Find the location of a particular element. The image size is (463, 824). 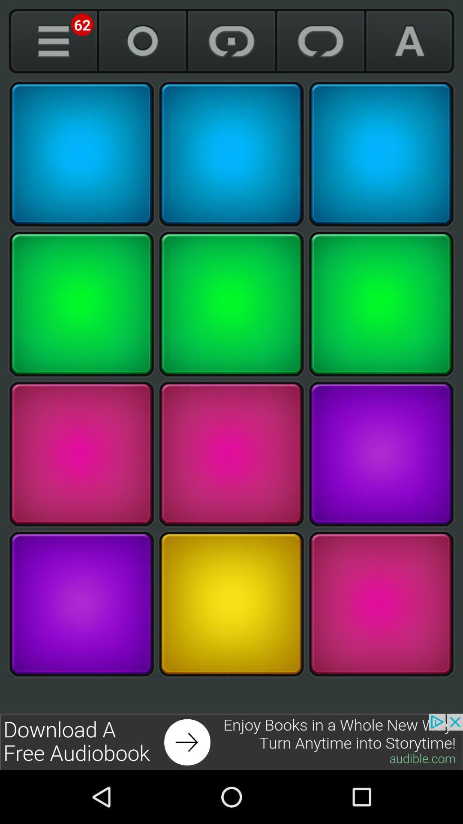

font selection is located at coordinates (409, 41).